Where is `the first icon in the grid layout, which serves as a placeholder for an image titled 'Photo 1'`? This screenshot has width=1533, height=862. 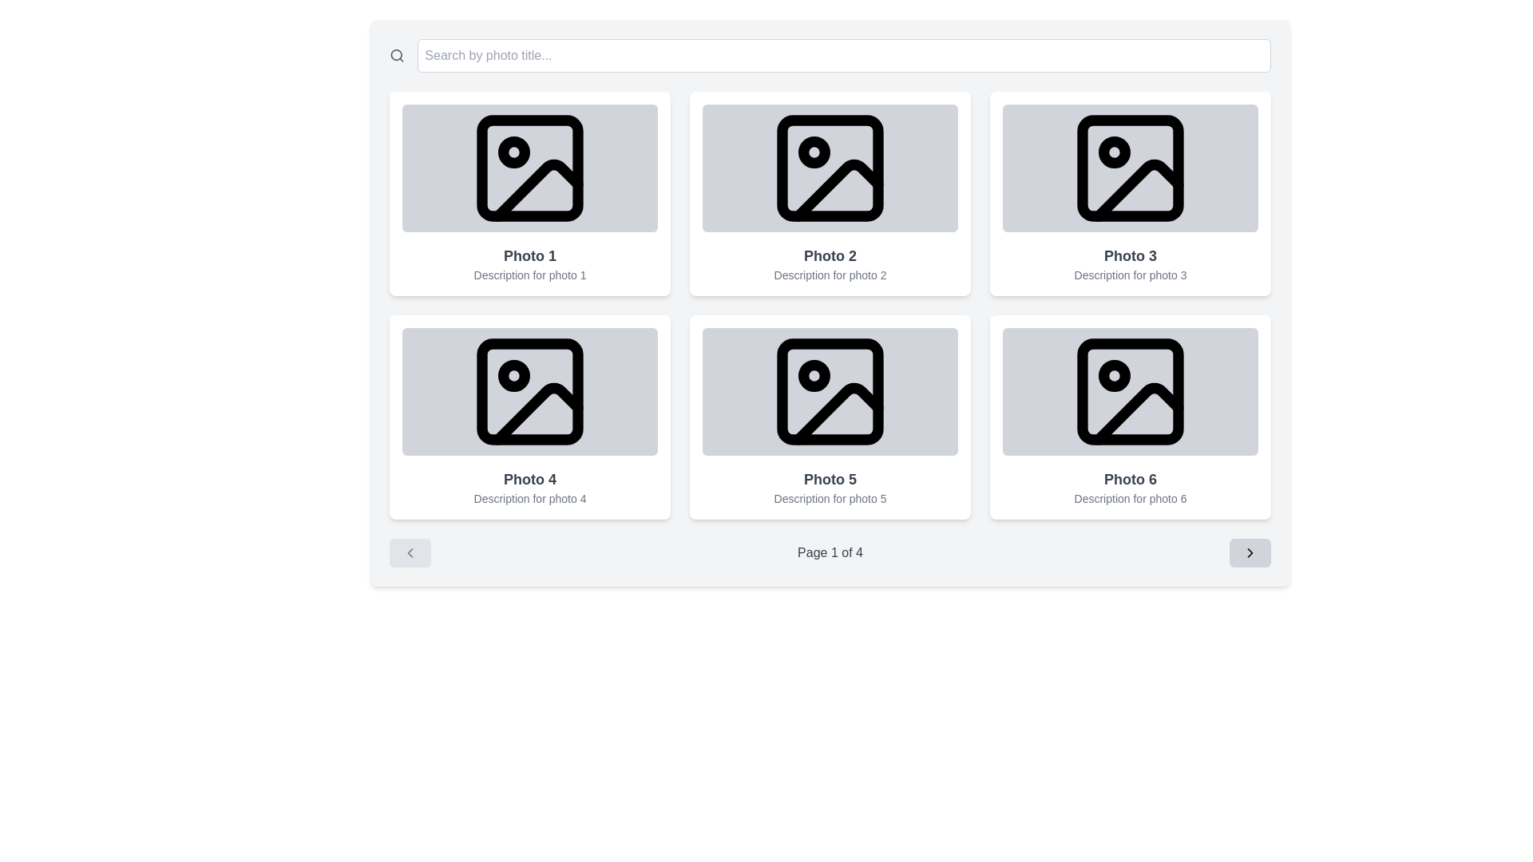 the first icon in the grid layout, which serves as a placeholder for an image titled 'Photo 1' is located at coordinates (529, 168).